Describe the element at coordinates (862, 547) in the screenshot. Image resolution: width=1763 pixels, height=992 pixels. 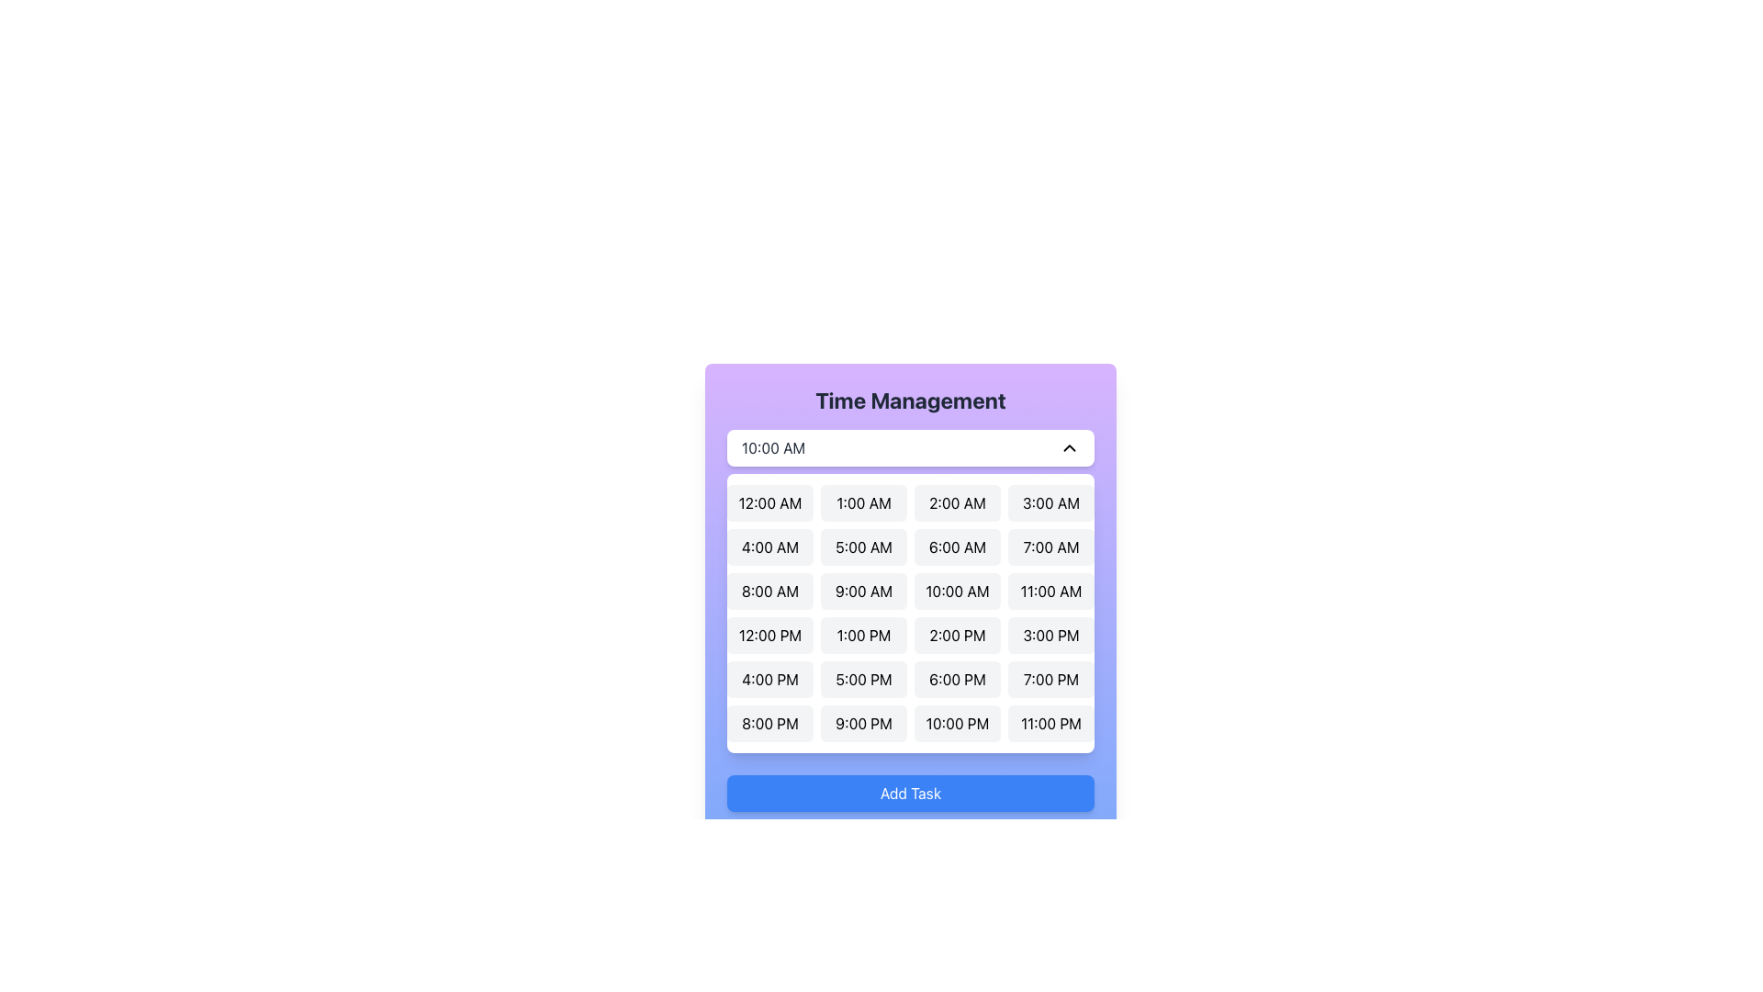
I see `the rectangular button with the text '5:00 AM'` at that location.